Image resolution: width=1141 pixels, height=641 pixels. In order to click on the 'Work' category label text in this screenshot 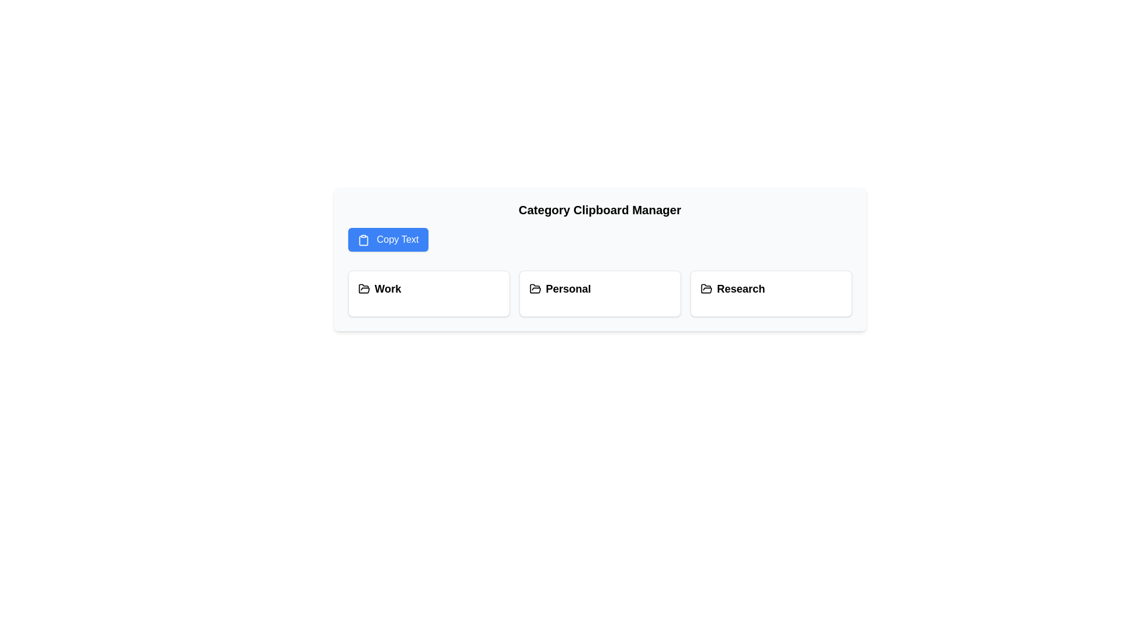, I will do `click(387, 288)`.